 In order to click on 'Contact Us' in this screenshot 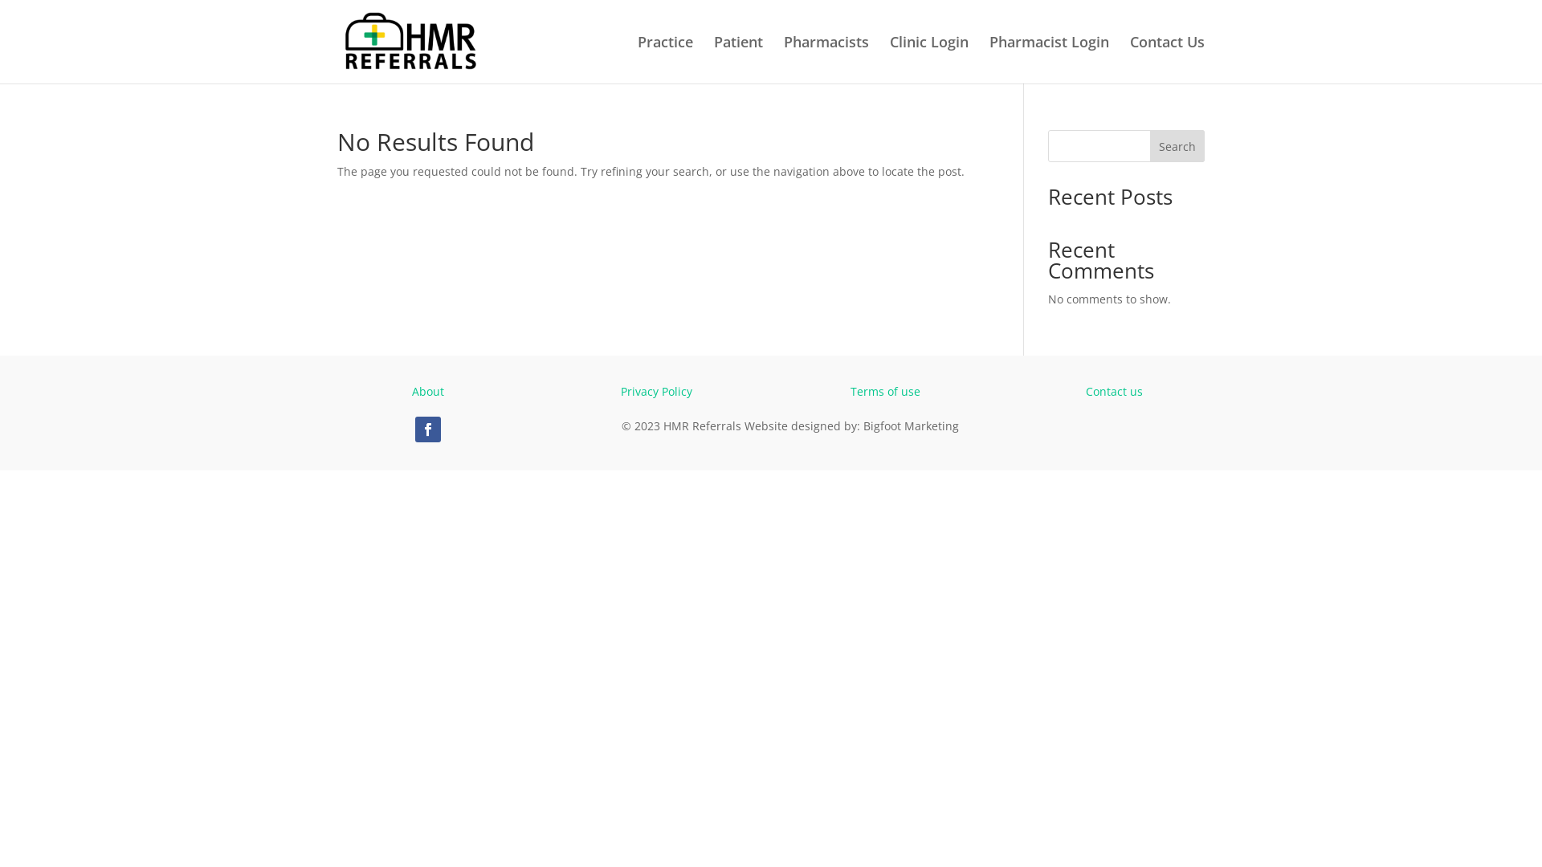, I will do `click(1128, 59)`.